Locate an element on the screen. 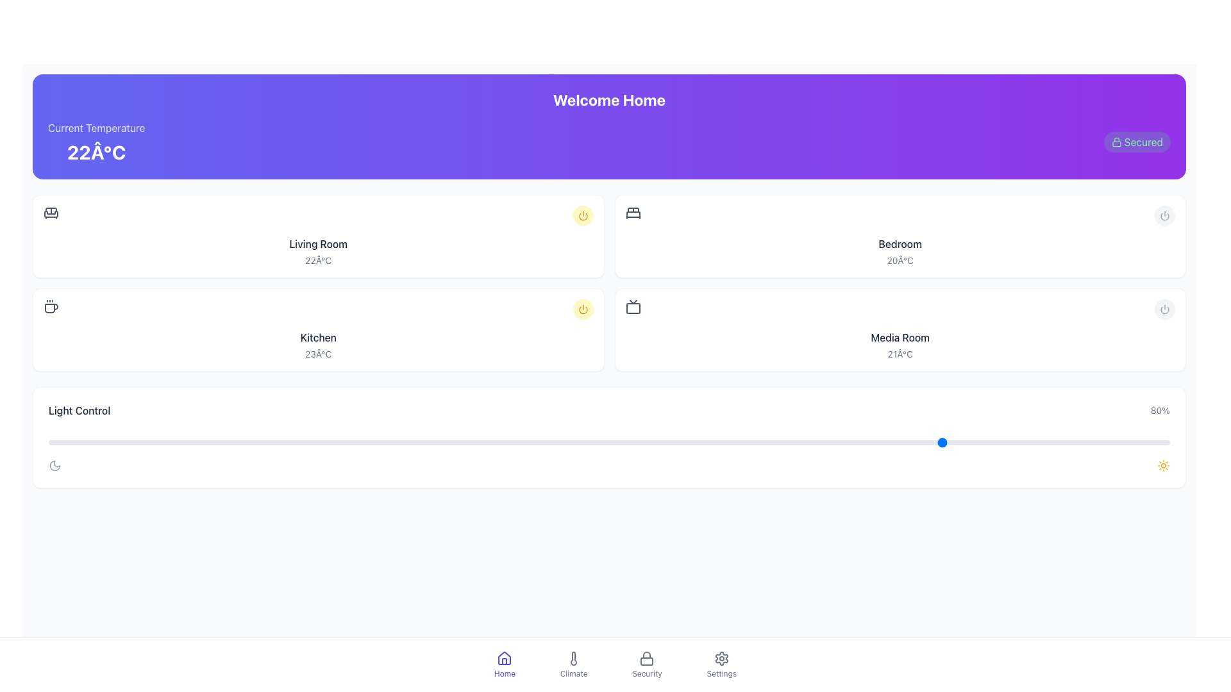 The image size is (1231, 692). the Text label that provides context for the temperature value displayed below it is located at coordinates (96, 128).